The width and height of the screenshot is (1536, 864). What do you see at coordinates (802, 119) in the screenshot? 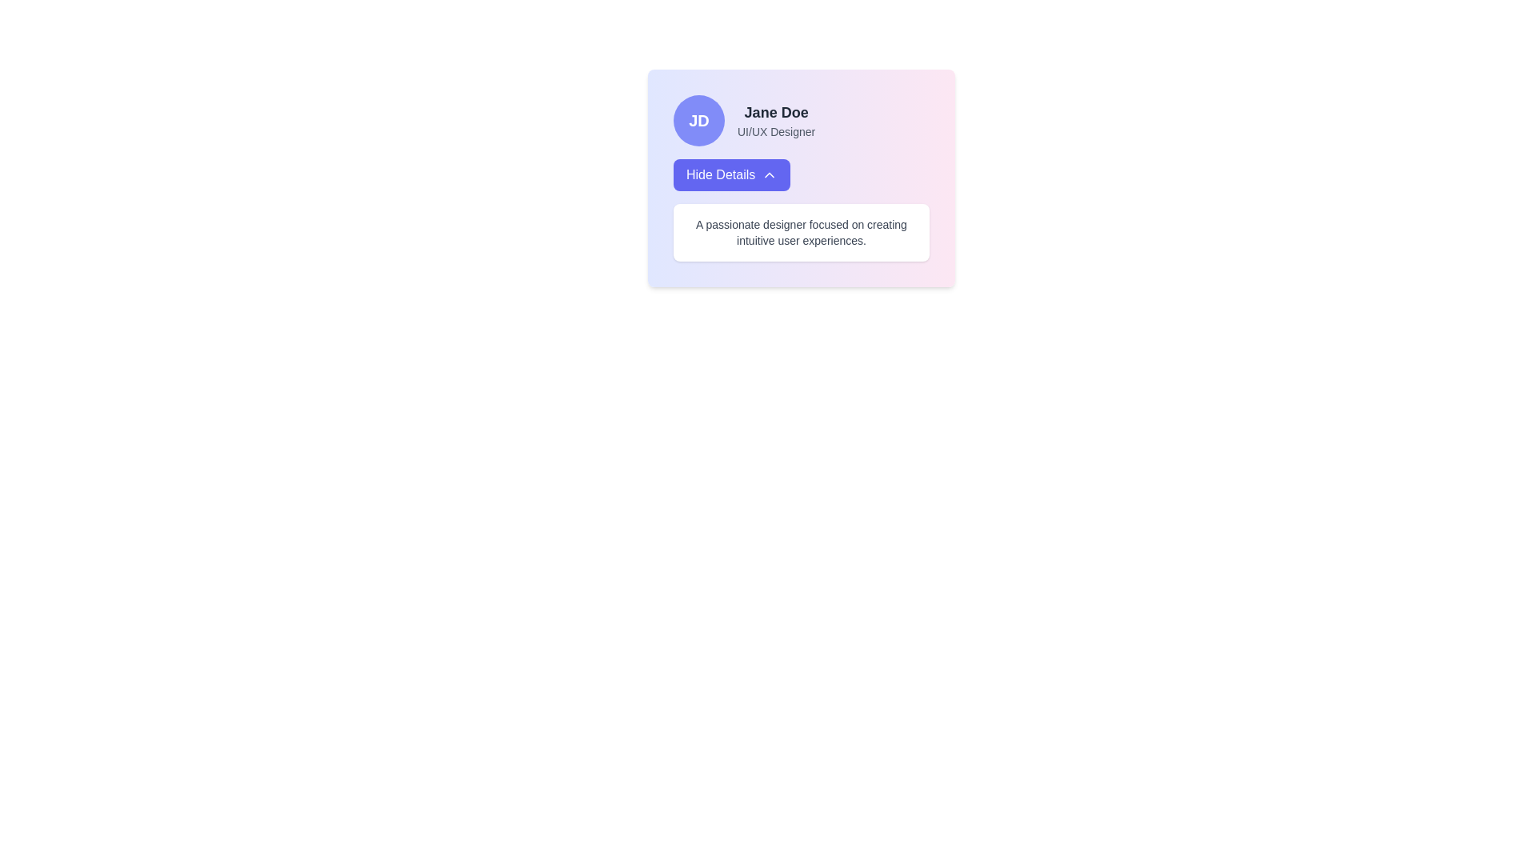
I see `the Profile Display element featuring a circular avatar with initials 'JD' and the name 'Jane Doe' next to it` at bounding box center [802, 119].